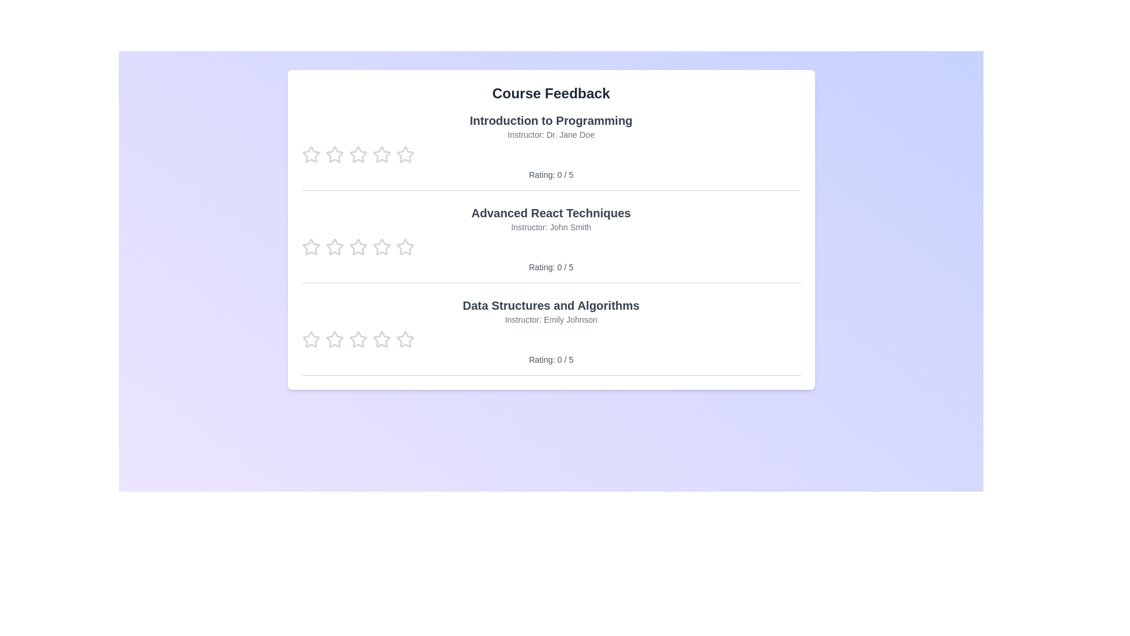 This screenshot has height=636, width=1130. What do you see at coordinates (550, 120) in the screenshot?
I see `the course title 'Introduction to Programming' to highlight it` at bounding box center [550, 120].